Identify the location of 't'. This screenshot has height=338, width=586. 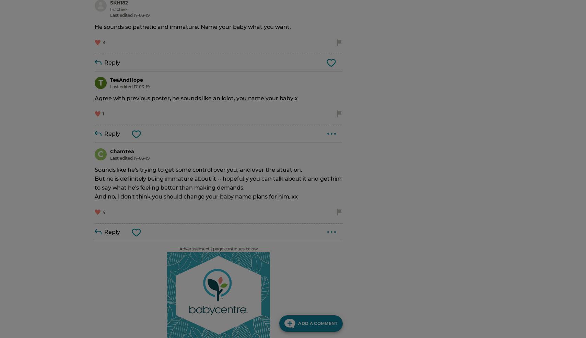
(100, 82).